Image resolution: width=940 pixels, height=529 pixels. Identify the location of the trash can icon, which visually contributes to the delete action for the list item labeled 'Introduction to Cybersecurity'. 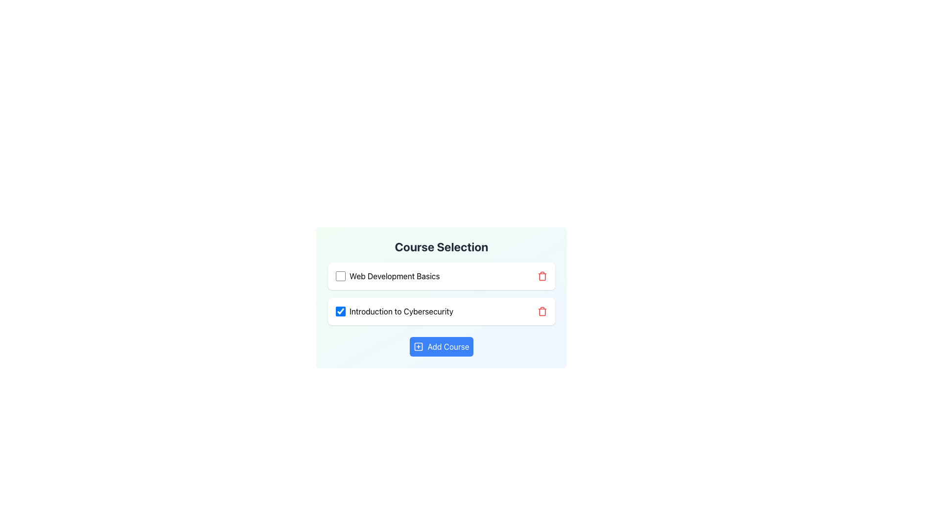
(542, 276).